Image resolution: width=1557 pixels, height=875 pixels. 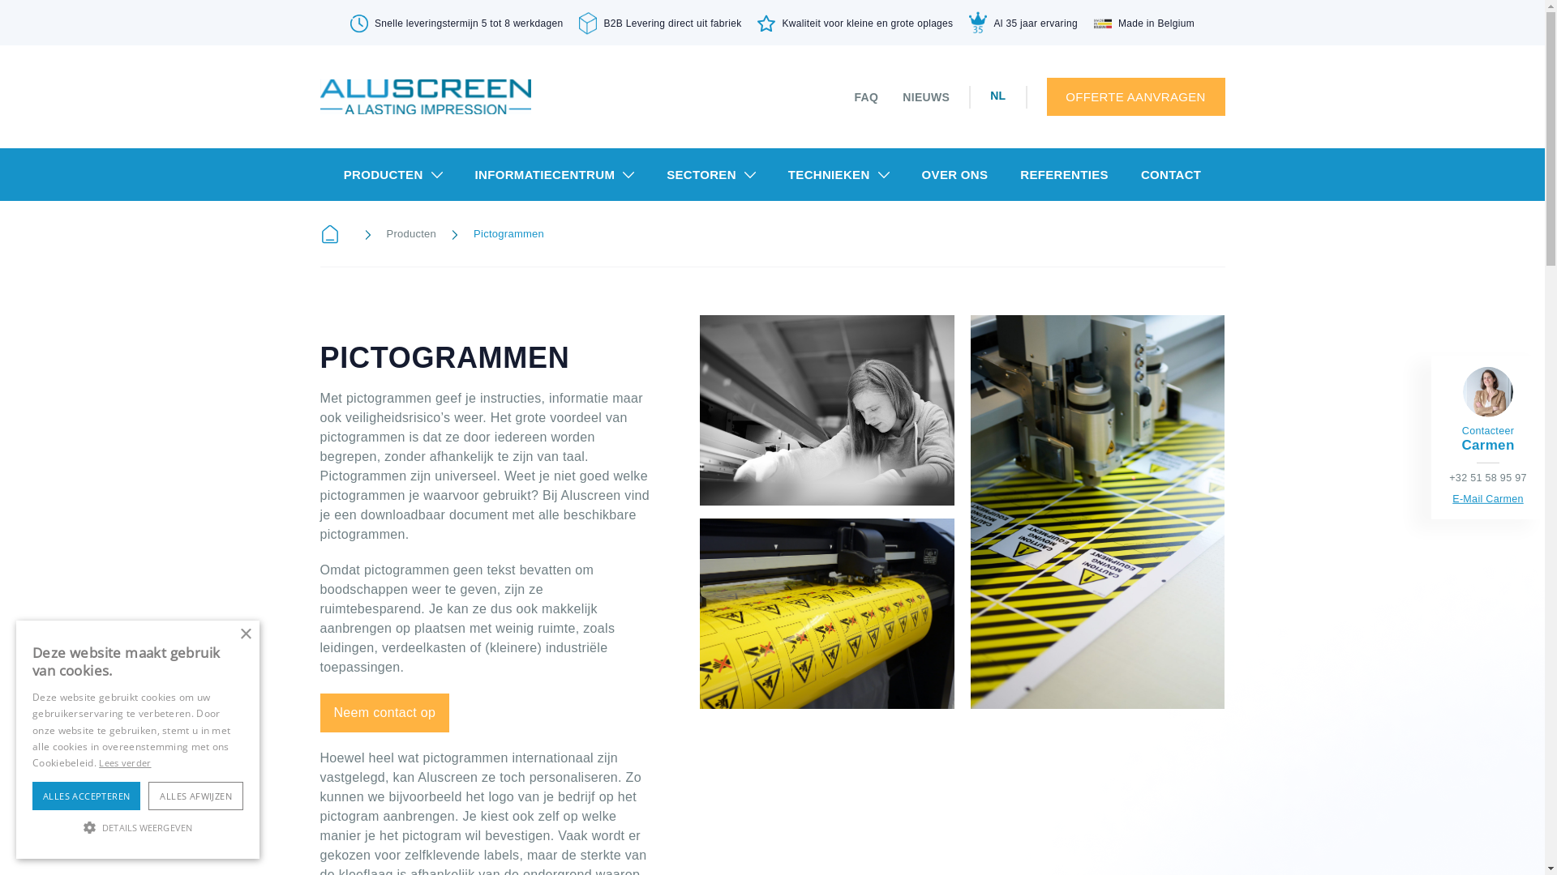 What do you see at coordinates (424, 96) in the screenshot?
I see `'logo'` at bounding box center [424, 96].